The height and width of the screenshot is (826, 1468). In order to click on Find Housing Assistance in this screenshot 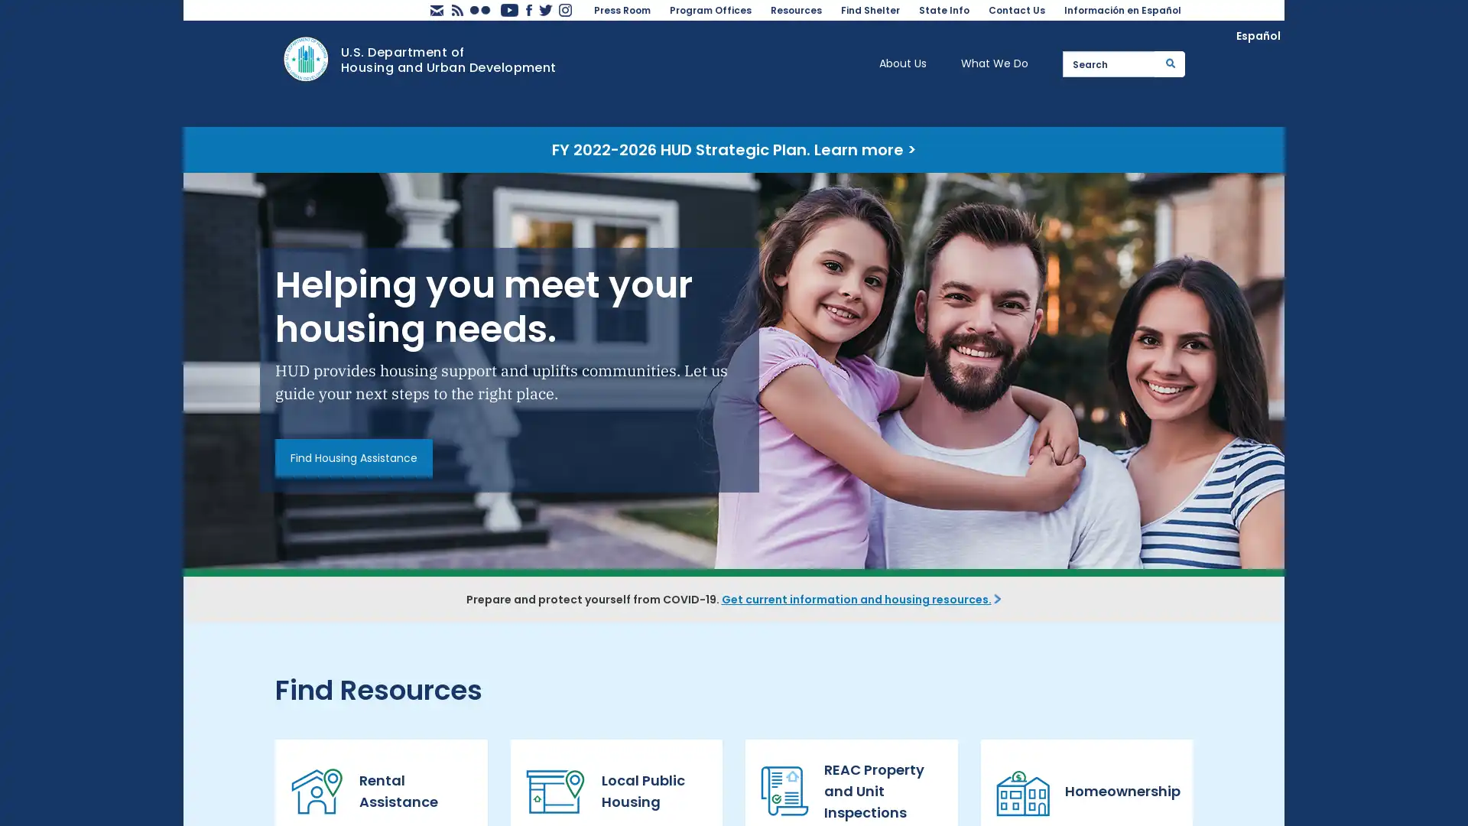, I will do `click(352, 457)`.